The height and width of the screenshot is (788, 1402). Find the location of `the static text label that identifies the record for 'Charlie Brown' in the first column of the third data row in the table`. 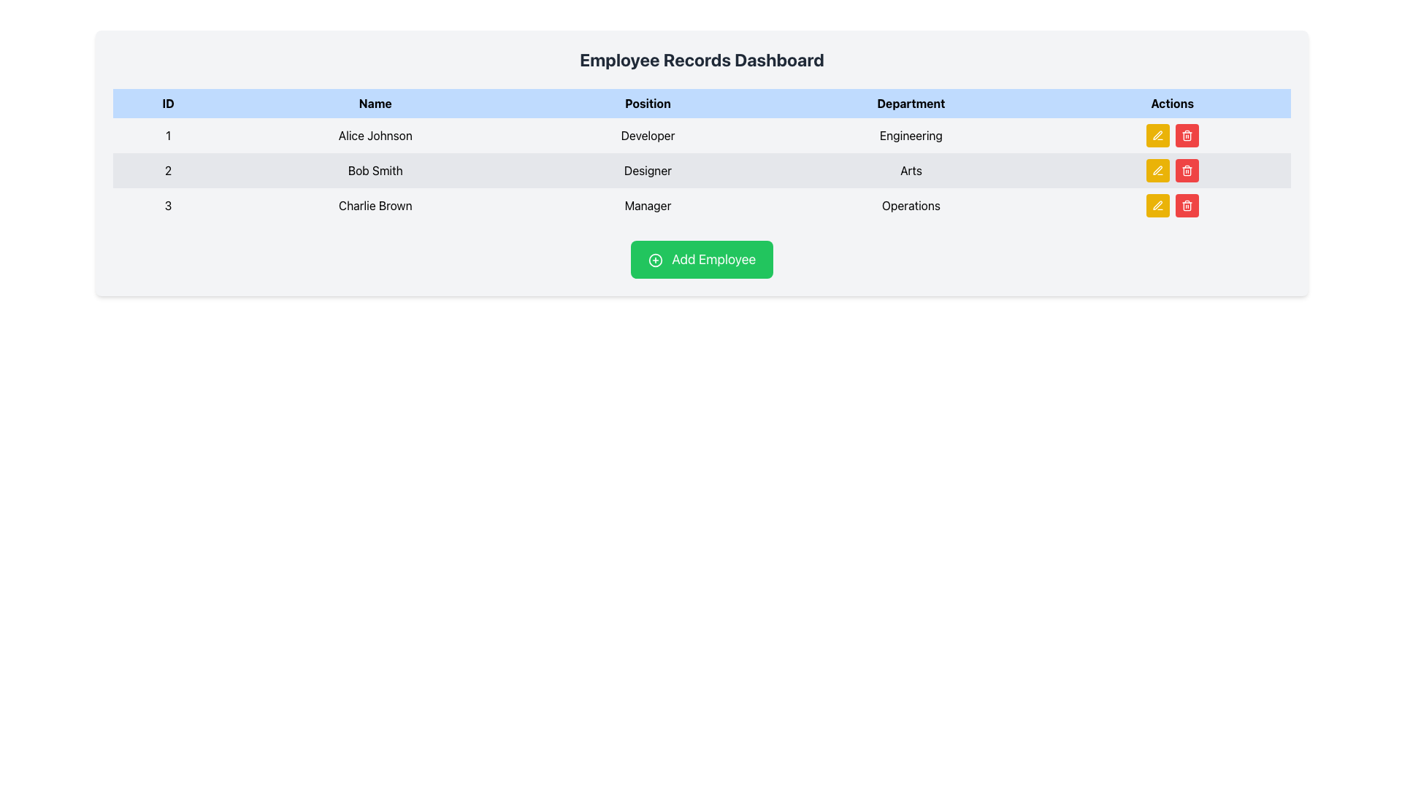

the static text label that identifies the record for 'Charlie Brown' in the first column of the third data row in the table is located at coordinates (168, 205).